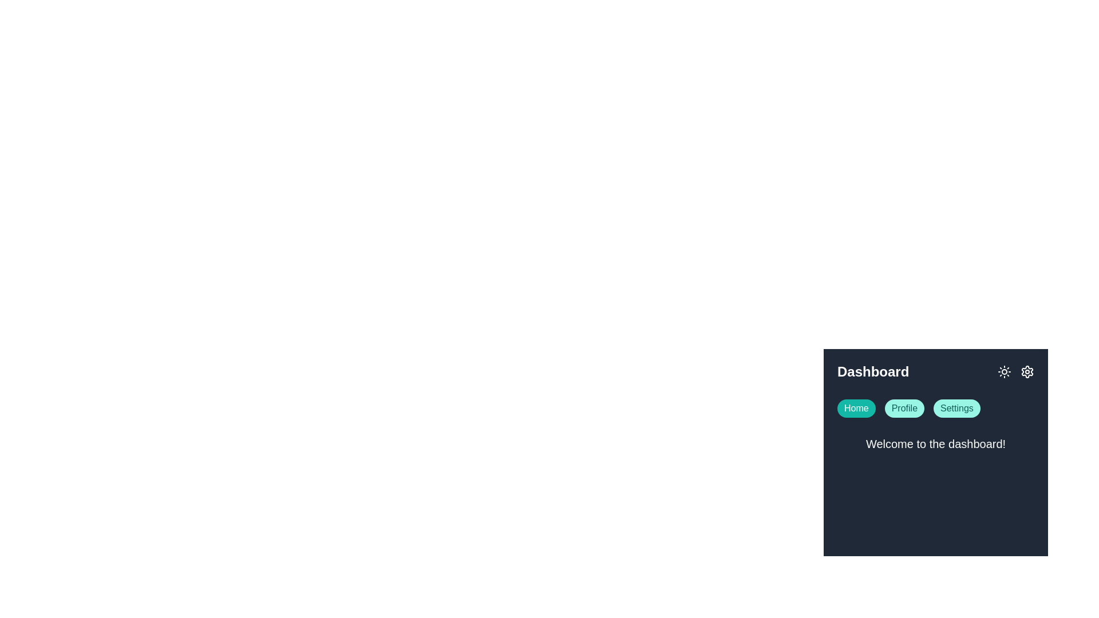  What do you see at coordinates (956, 407) in the screenshot?
I see `the 'Settings' button, which is a rounded button with a light teal background and dark teal text, located in the top-right navigation area` at bounding box center [956, 407].